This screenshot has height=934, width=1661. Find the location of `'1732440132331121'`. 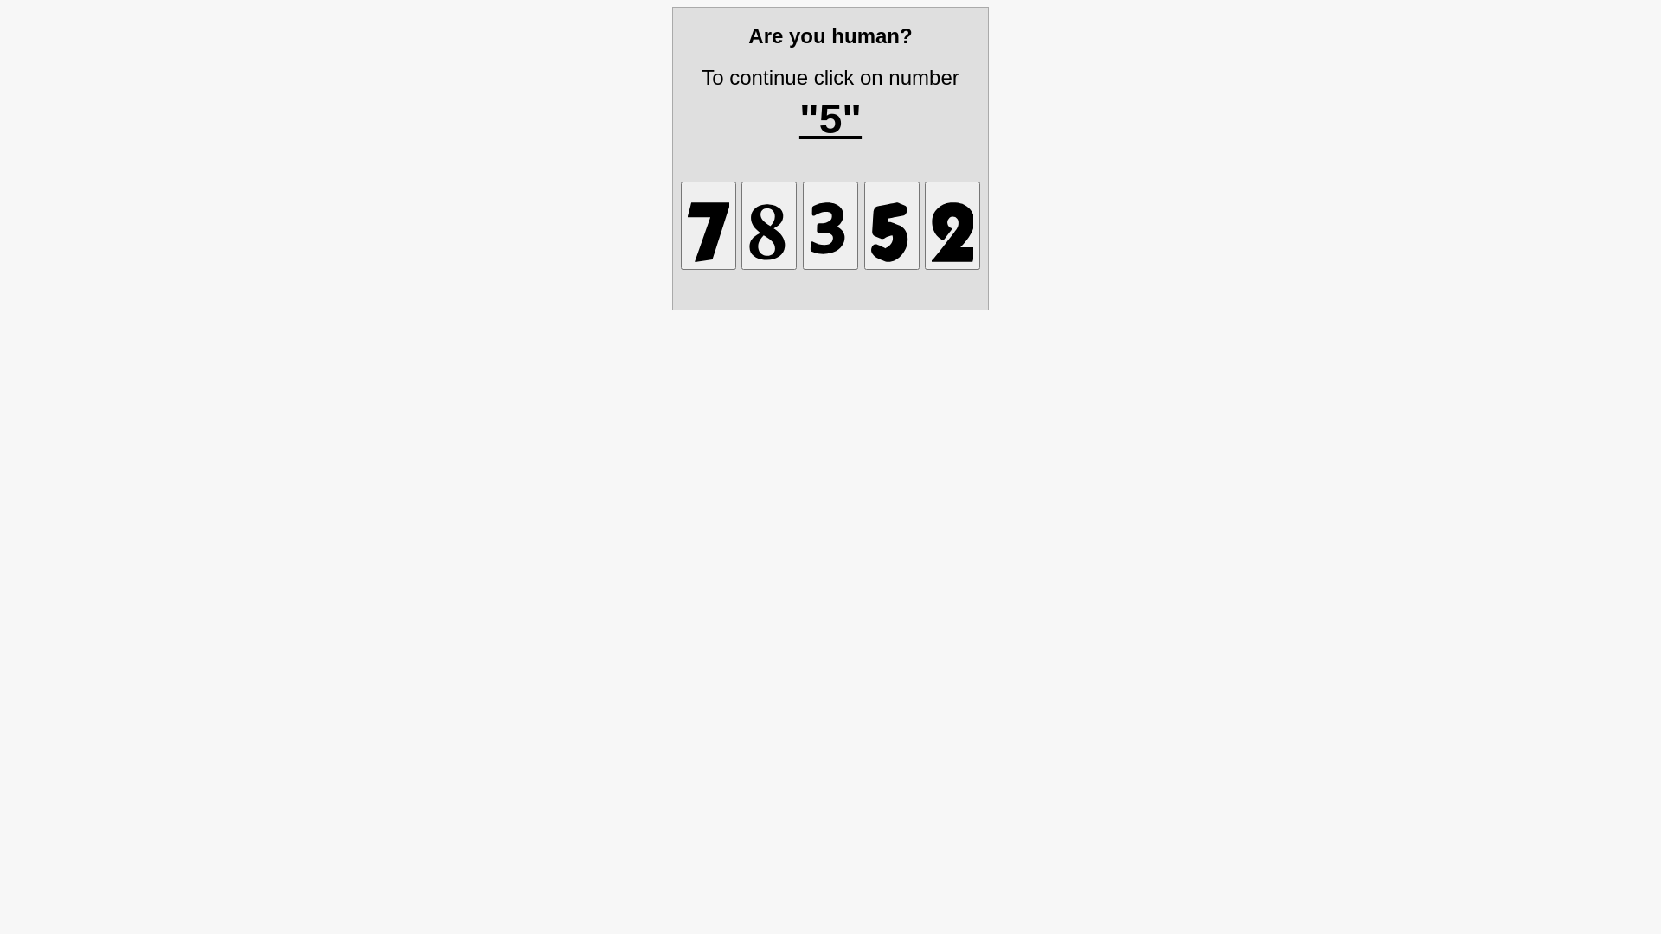

'1732440132331121' is located at coordinates (830, 225).